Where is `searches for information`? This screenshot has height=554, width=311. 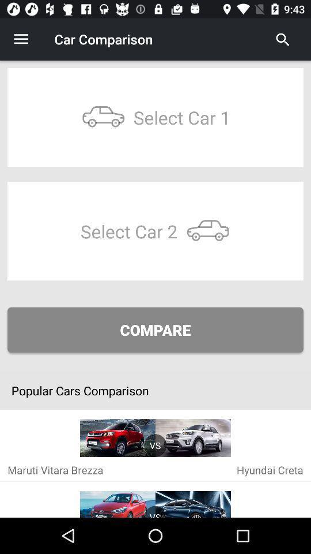 searches for information is located at coordinates (282, 39).